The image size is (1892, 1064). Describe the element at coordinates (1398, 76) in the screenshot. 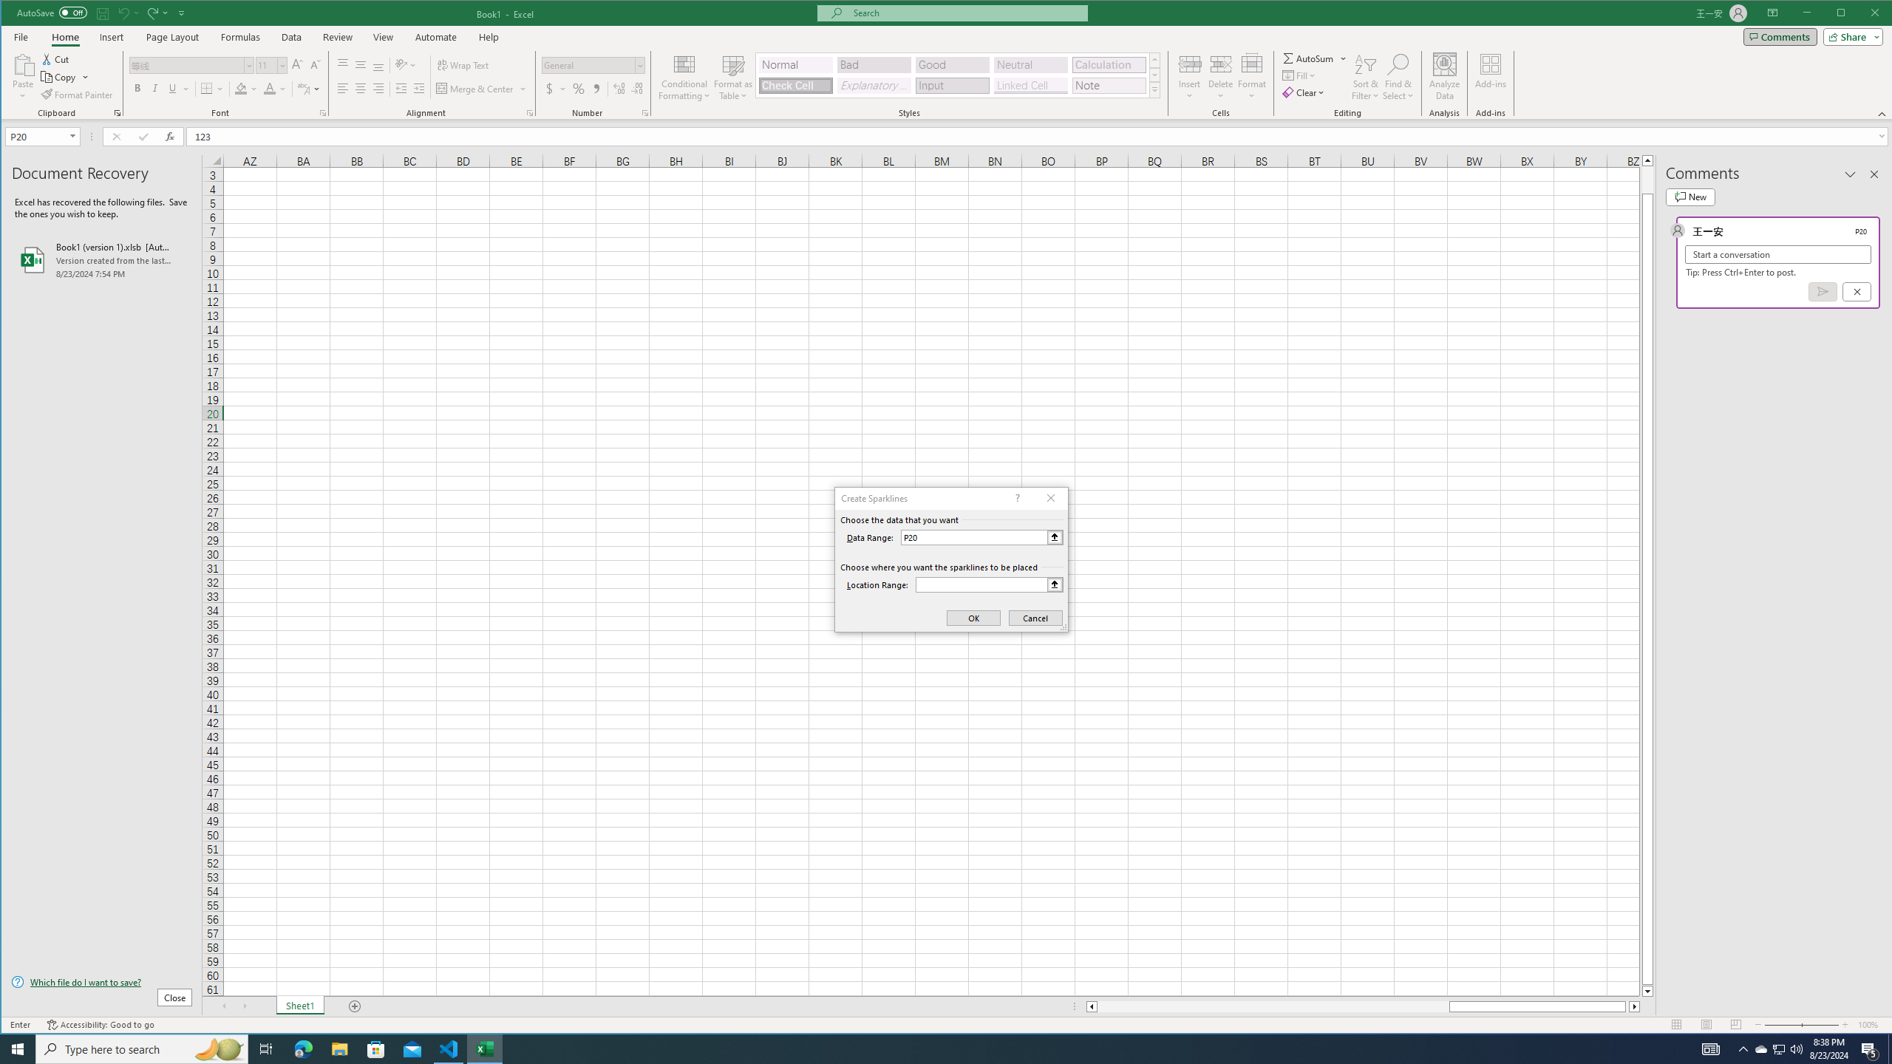

I see `'Find & Select'` at that location.